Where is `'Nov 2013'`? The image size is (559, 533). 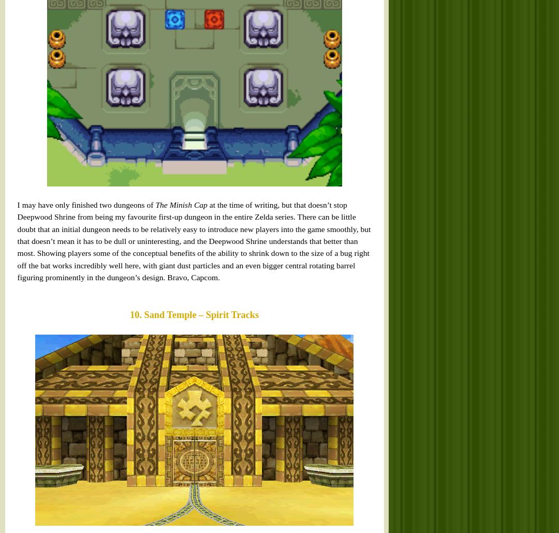
'Nov 2013' is located at coordinates (371, 85).